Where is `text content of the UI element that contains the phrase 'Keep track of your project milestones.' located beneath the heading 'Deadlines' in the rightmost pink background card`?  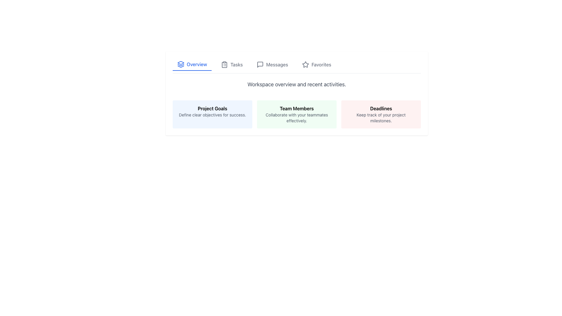 text content of the UI element that contains the phrase 'Keep track of your project milestones.' located beneath the heading 'Deadlines' in the rightmost pink background card is located at coordinates (381, 118).